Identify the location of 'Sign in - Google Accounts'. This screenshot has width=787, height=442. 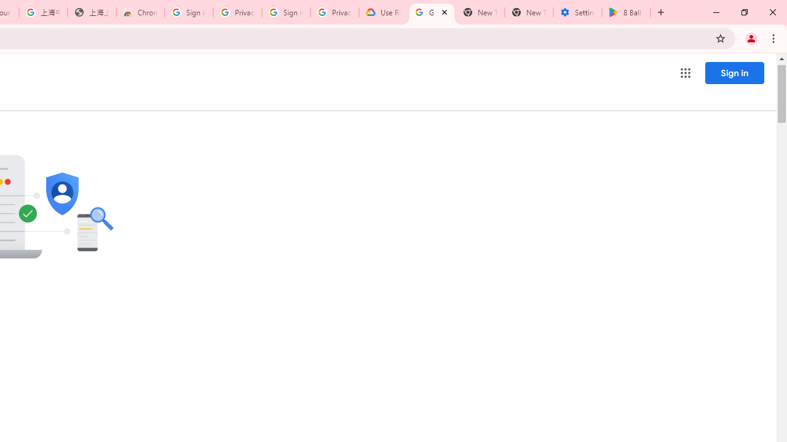
(285, 12).